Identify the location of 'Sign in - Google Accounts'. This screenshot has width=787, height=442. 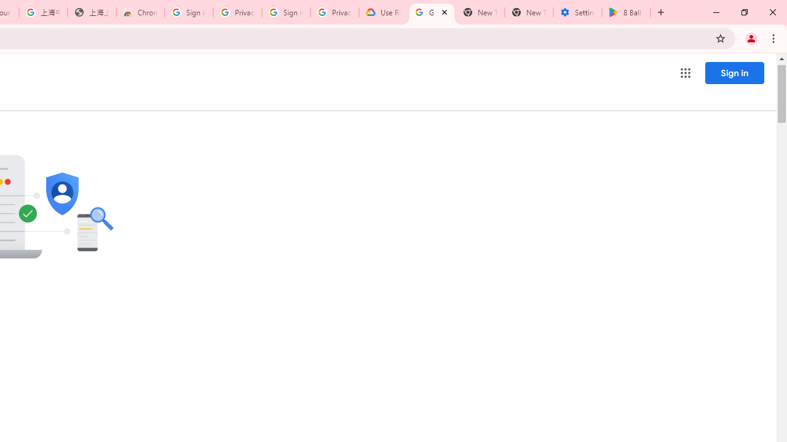
(285, 12).